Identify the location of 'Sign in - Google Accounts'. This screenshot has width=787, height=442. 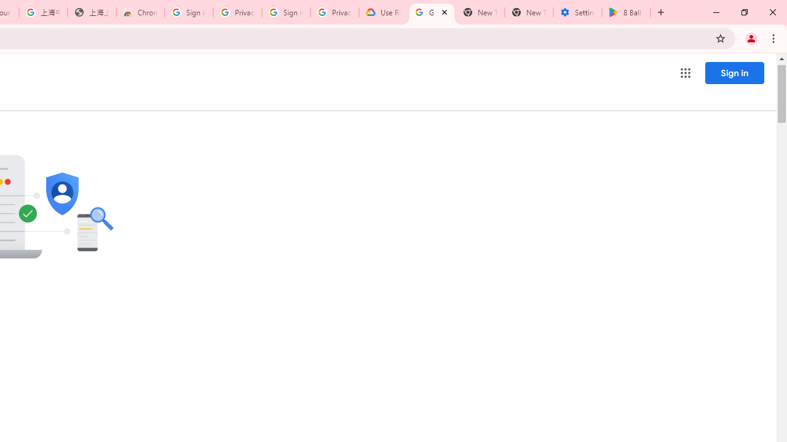
(285, 12).